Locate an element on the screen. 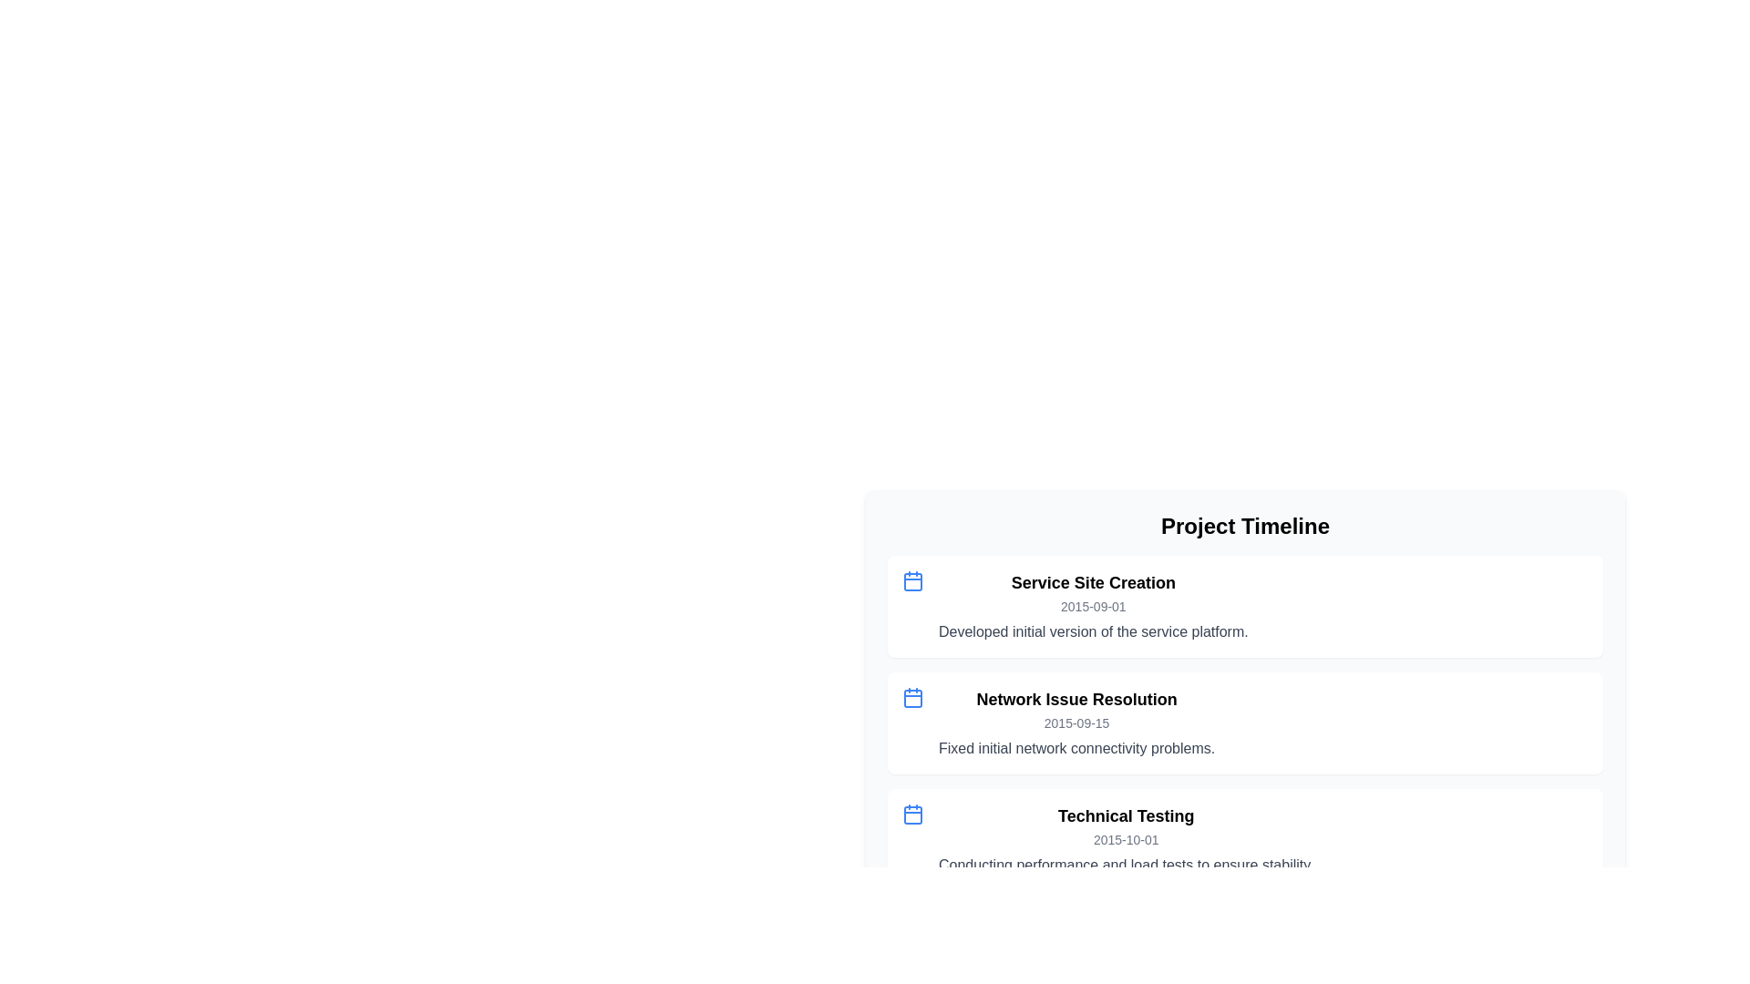 The image size is (1750, 984). the first card component in the vertical list of project milestones, which features a blue calendar icon and project milestone text is located at coordinates (1244, 607).